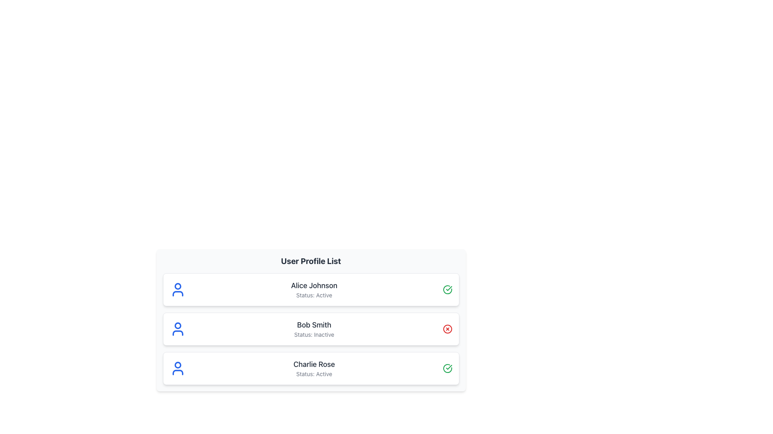 The image size is (773, 434). What do you see at coordinates (448, 288) in the screenshot?
I see `the checkmark icon inside the green circular outline indicating approval for 'Alice Johnson - Status: Active'` at bounding box center [448, 288].